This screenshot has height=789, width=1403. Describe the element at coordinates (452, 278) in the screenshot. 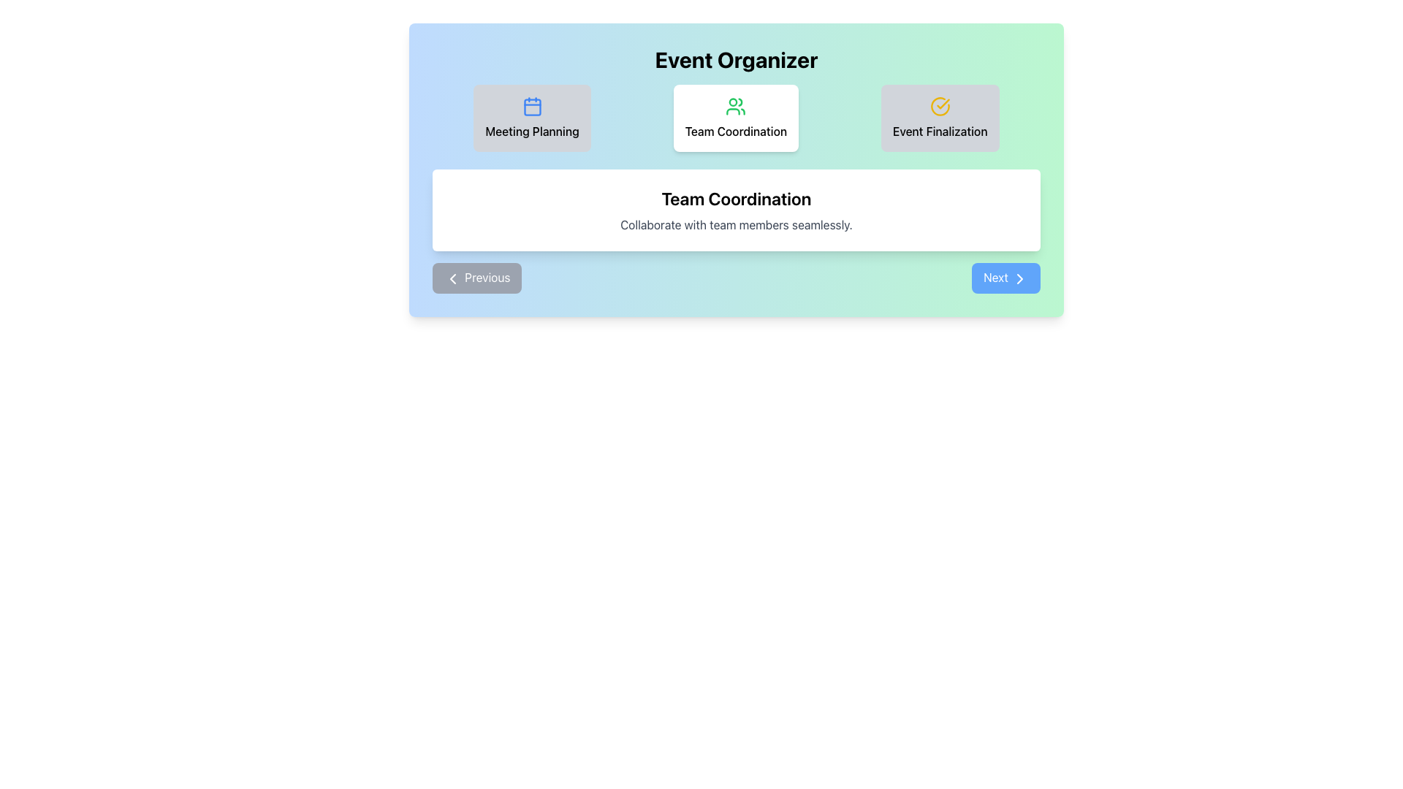

I see `the chevron arrow icon within the 'Previous' button` at that location.